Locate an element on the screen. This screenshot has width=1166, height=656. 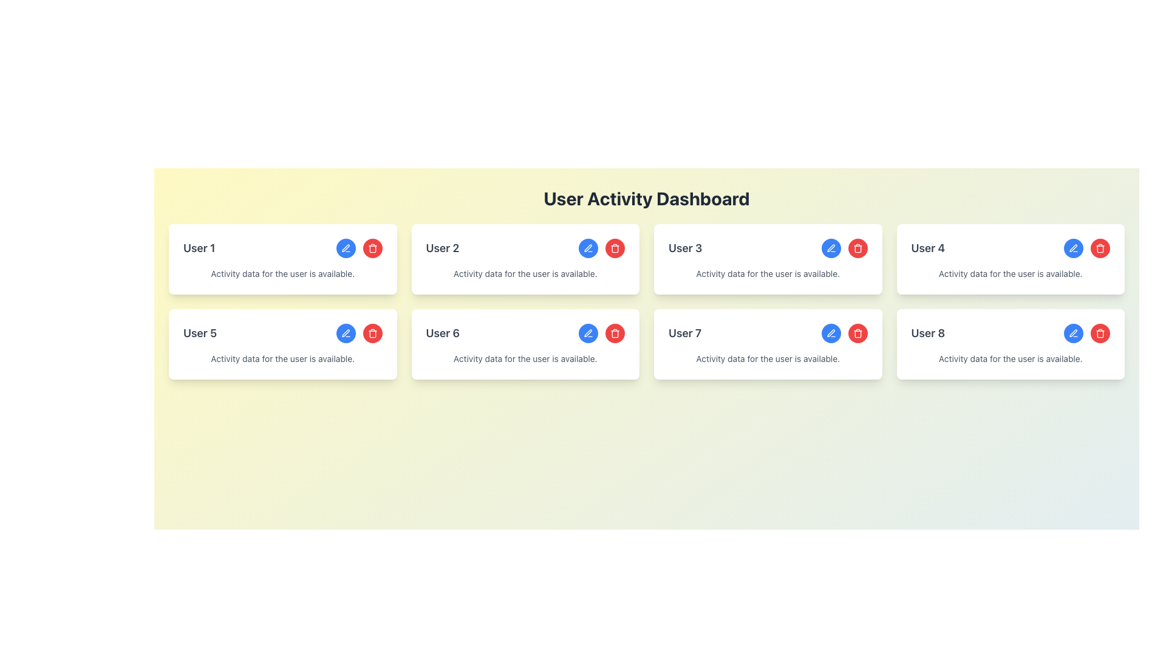
the circular button with a blue background and a pen icon, located to the right of the 'User 1' card in the 'User Activity Dashboard' is located at coordinates (345, 247).